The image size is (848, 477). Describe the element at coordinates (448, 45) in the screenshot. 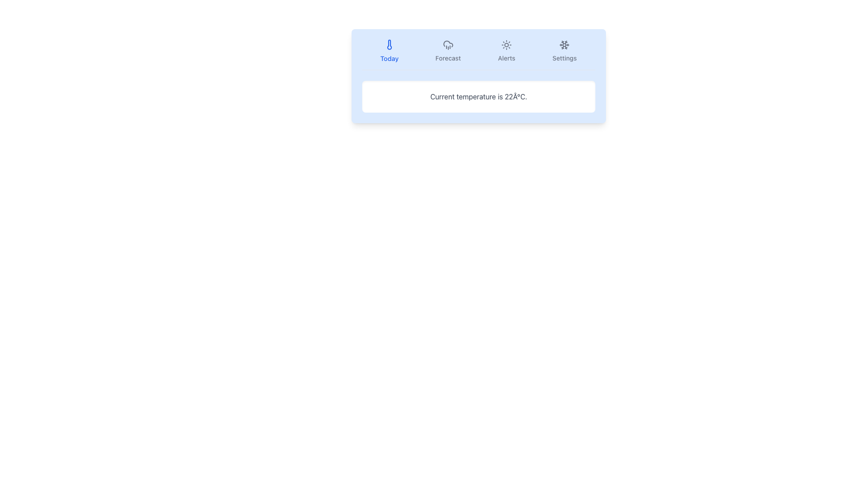

I see `the 'Forecast' vector icon in the header menu` at that location.